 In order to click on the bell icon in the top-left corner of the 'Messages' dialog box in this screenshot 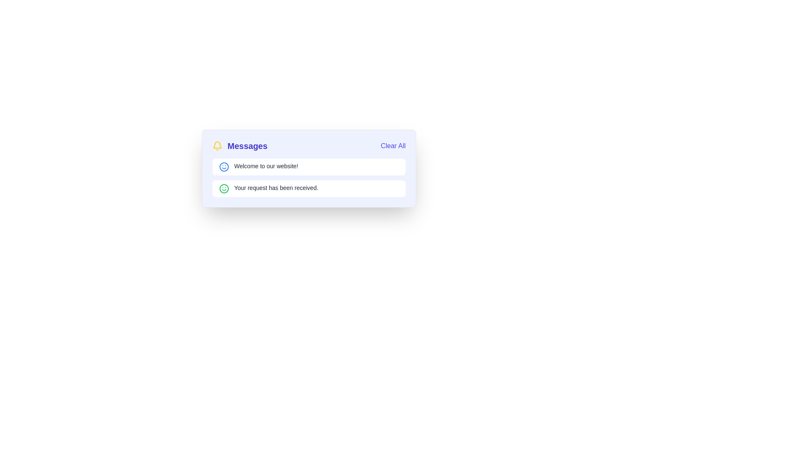, I will do `click(217, 144)`.